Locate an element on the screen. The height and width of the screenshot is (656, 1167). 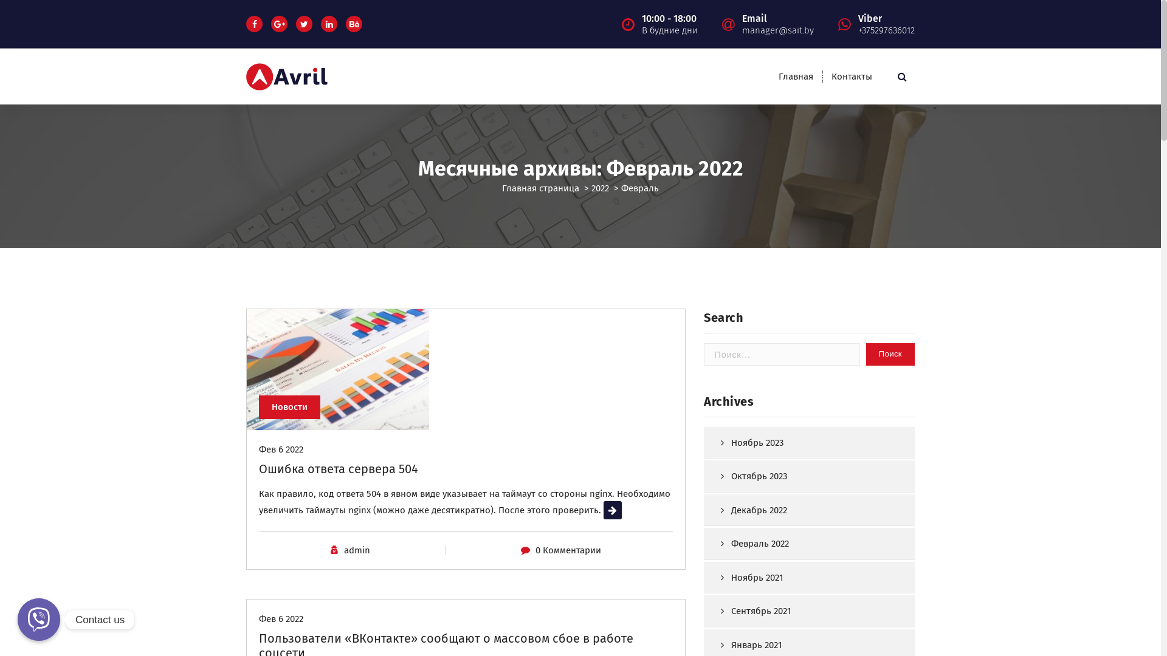
'Email is located at coordinates (778, 23).